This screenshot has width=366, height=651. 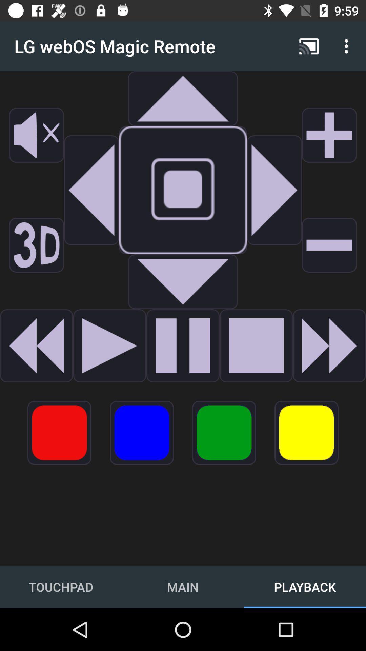 What do you see at coordinates (37, 135) in the screenshot?
I see `mute sound` at bounding box center [37, 135].